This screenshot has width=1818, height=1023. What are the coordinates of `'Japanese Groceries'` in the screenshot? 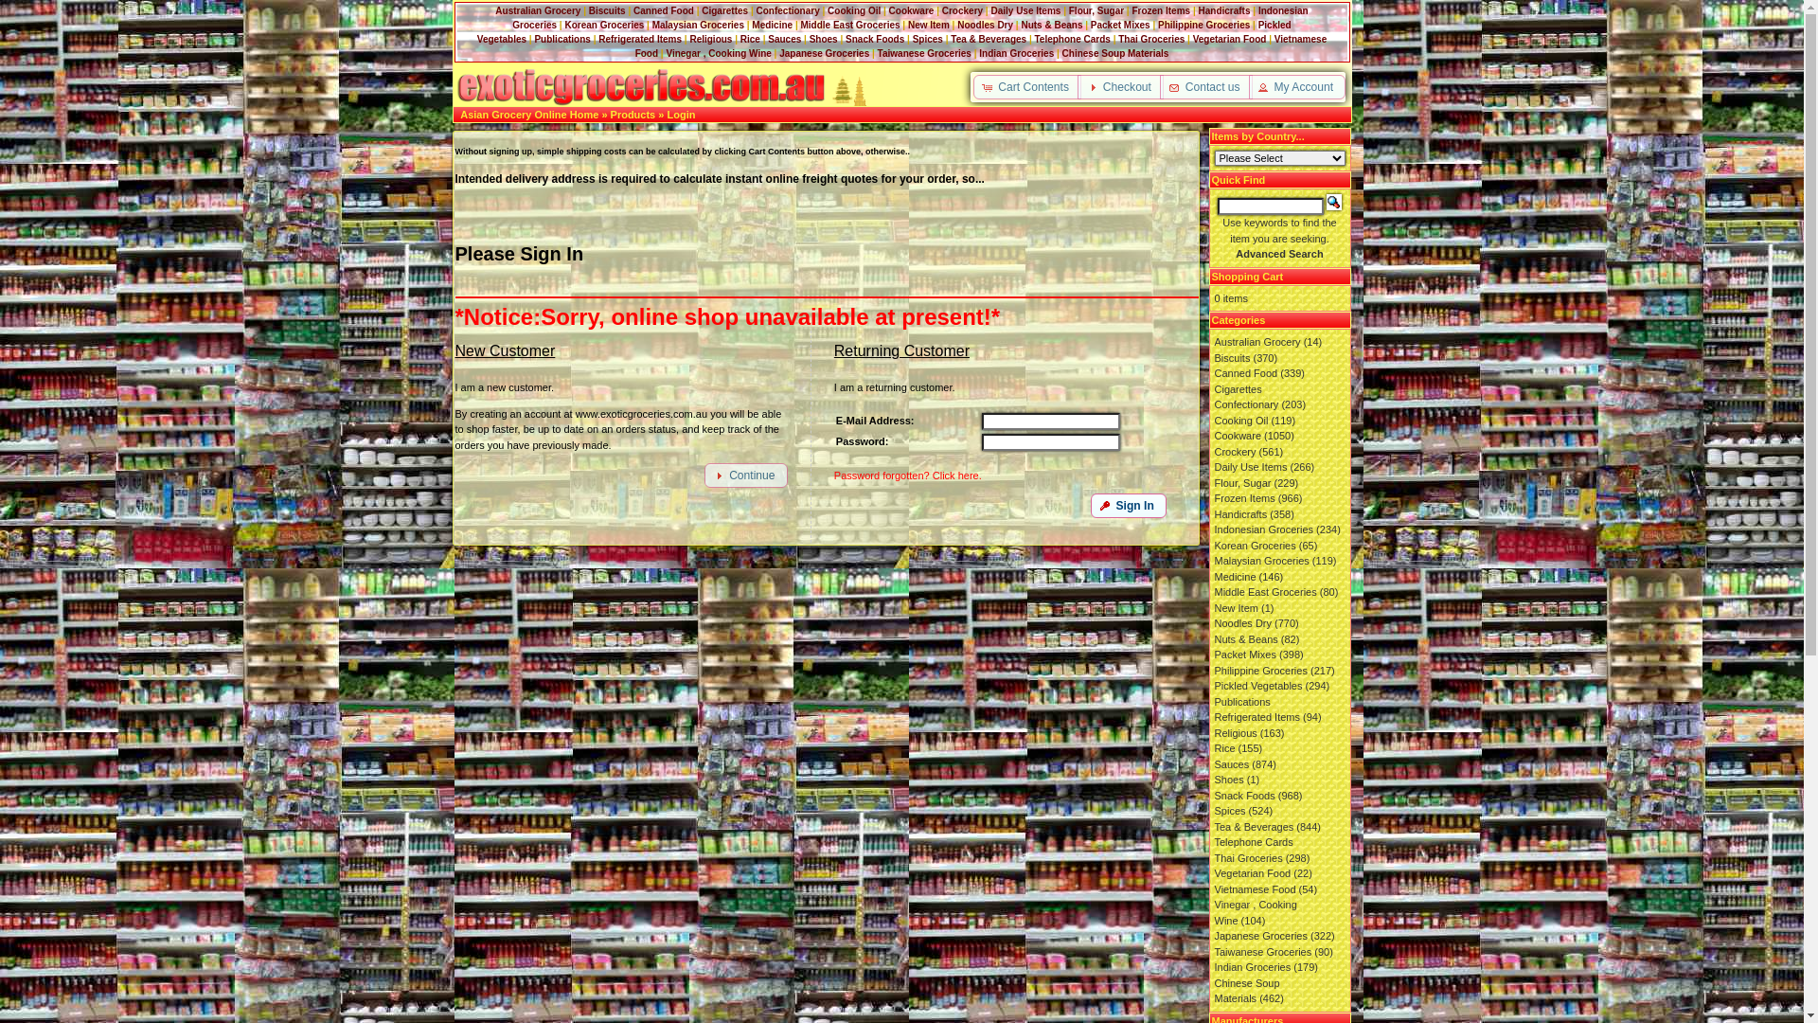 It's located at (824, 52).